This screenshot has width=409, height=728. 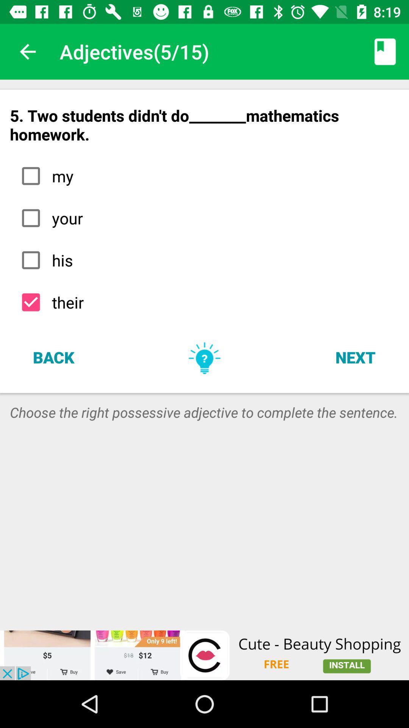 What do you see at coordinates (355, 356) in the screenshot?
I see `the text which is right of the light icon` at bounding box center [355, 356].